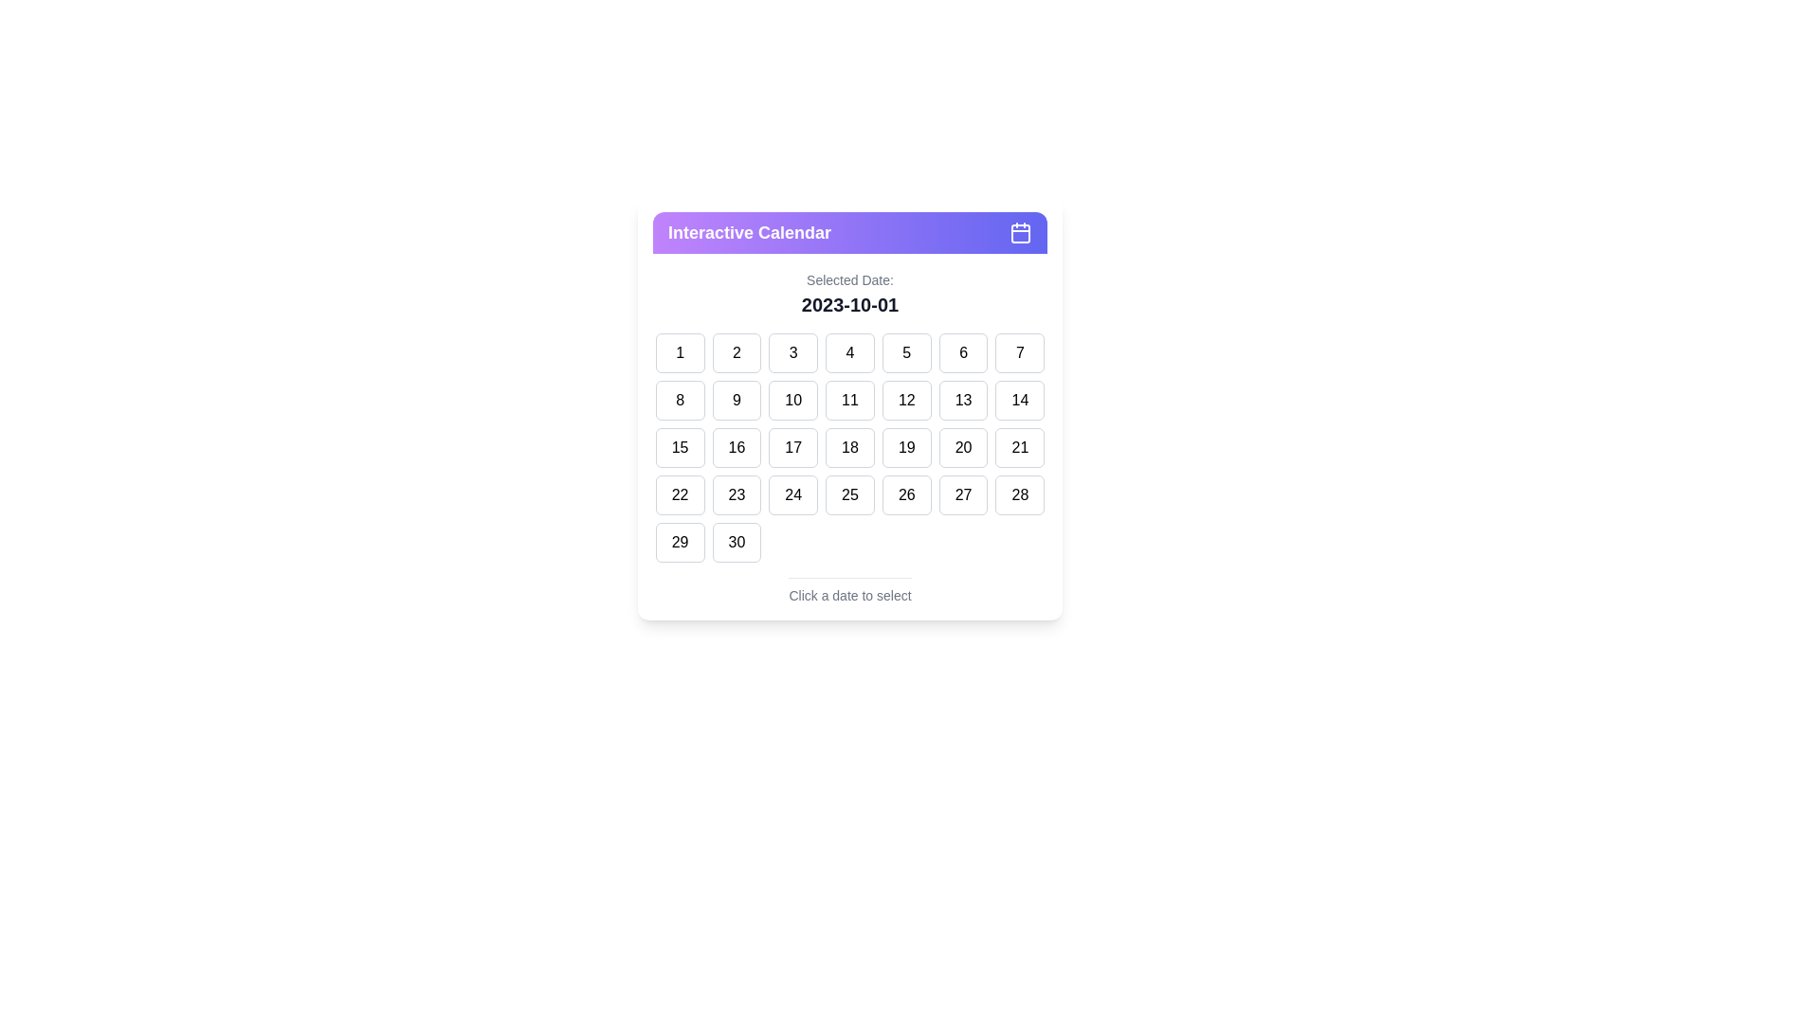 This screenshot has width=1820, height=1023. What do you see at coordinates (849, 407) in the screenshot?
I see `a date in the Interactive calendar grid displaying the days of October 2023` at bounding box center [849, 407].